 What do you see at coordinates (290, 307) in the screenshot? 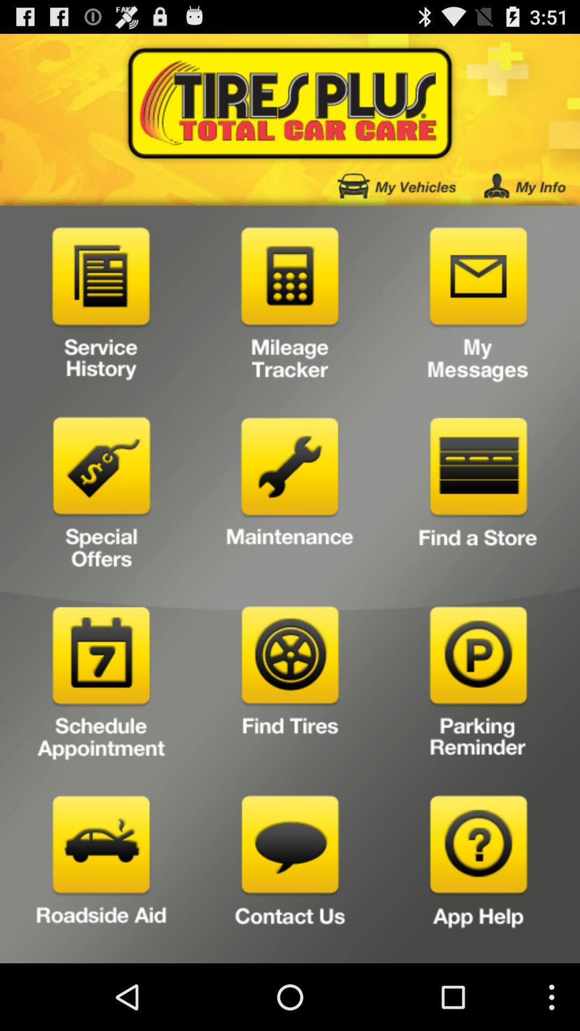
I see `track the mileage` at bounding box center [290, 307].